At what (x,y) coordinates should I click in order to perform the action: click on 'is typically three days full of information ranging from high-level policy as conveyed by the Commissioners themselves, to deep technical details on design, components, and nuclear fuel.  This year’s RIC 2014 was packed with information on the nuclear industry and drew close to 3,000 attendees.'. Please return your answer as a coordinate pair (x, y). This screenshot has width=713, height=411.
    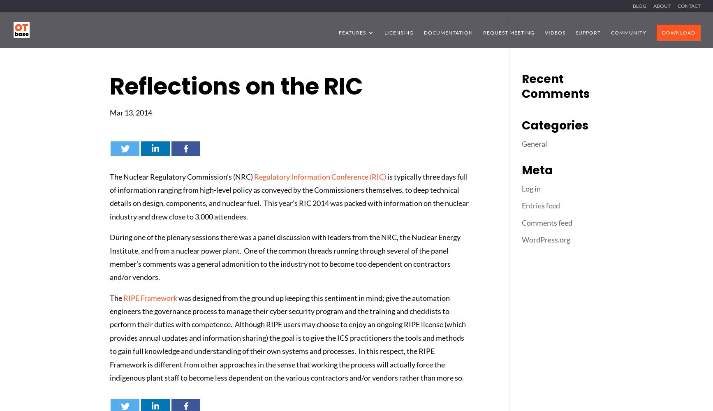
    Looking at the image, I should click on (289, 196).